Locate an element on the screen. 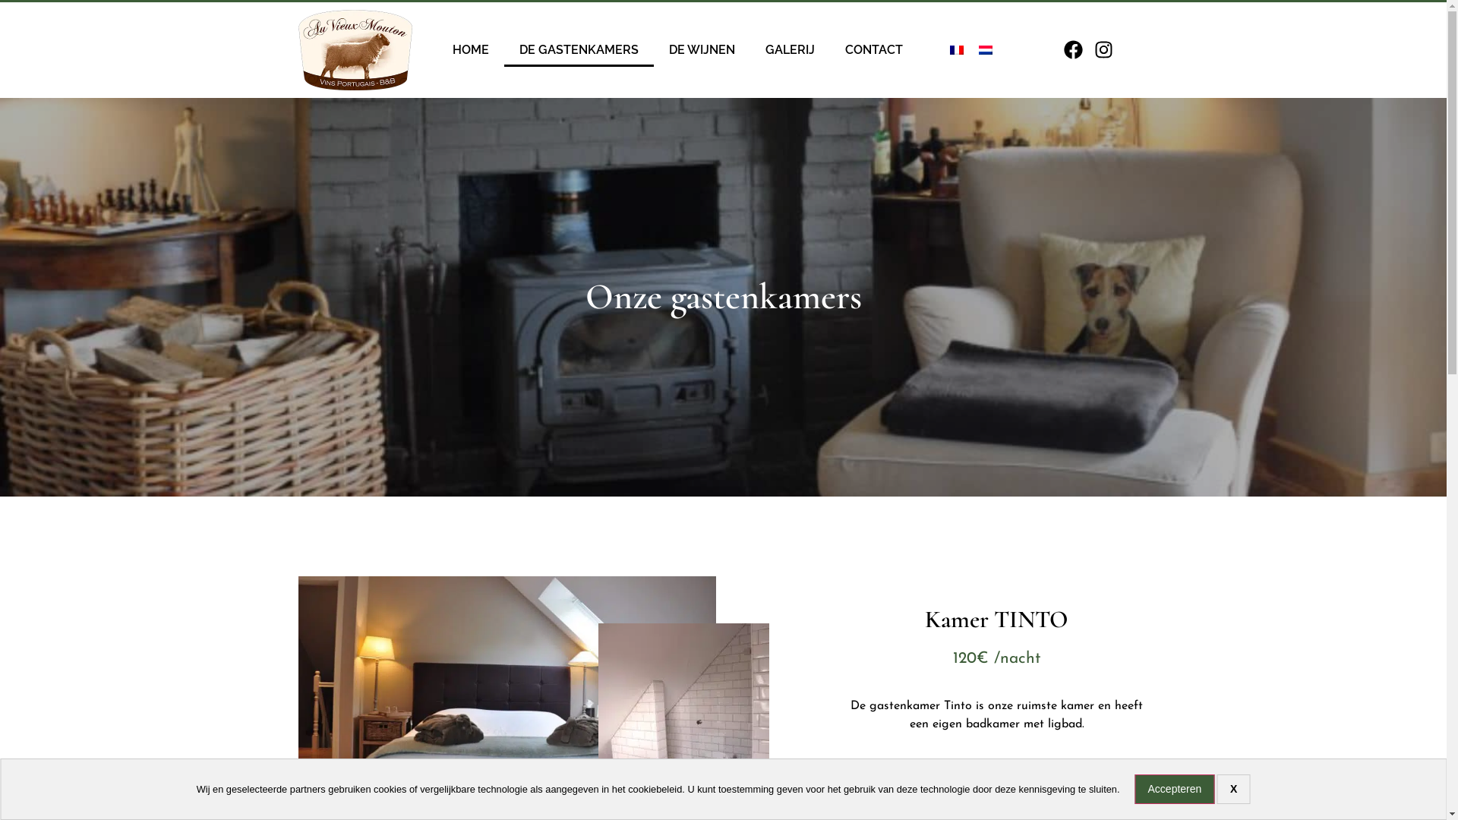 Image resolution: width=1458 pixels, height=820 pixels. 'DE WIJNEN' is located at coordinates (653, 49).